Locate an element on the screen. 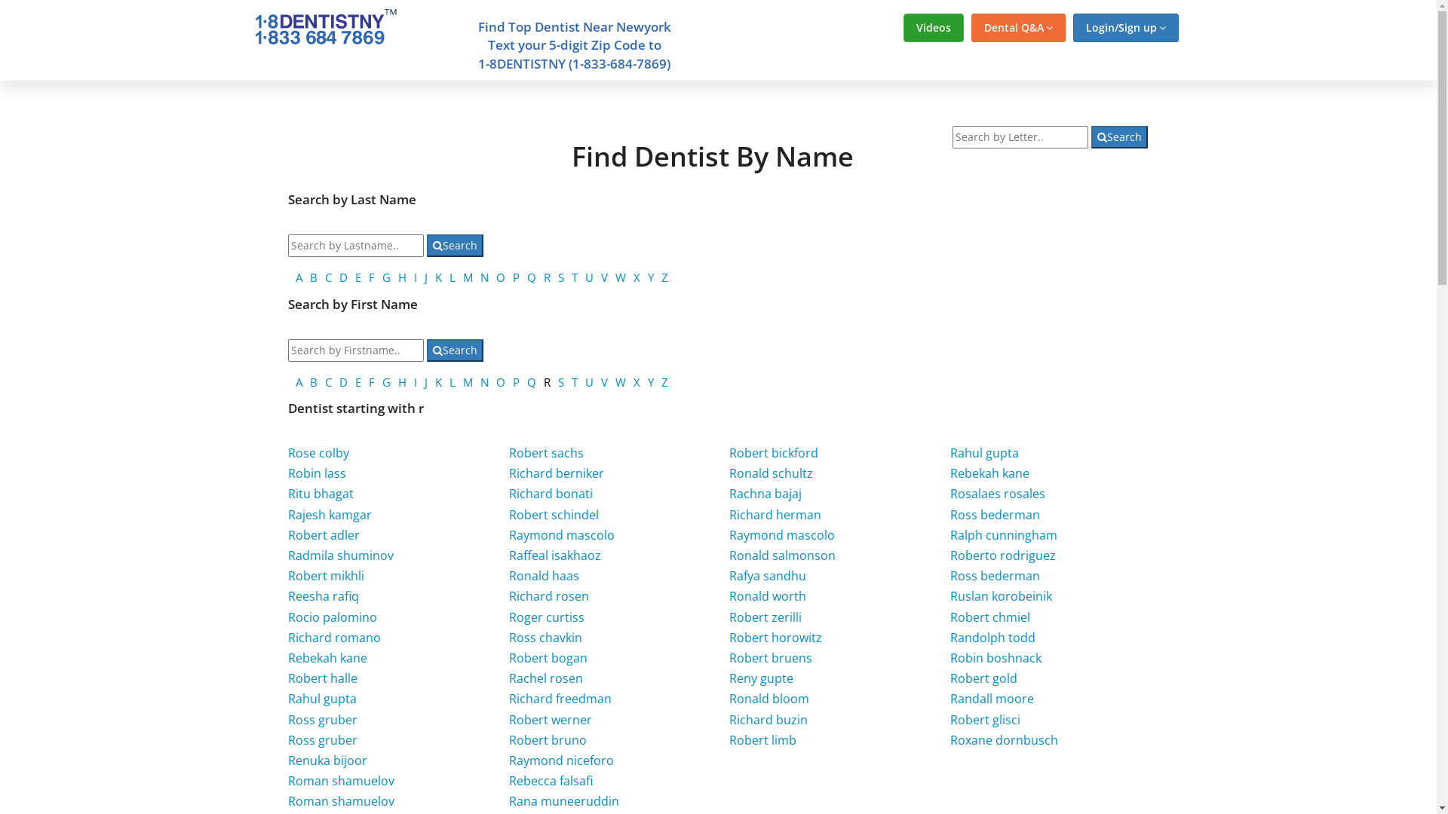  'Ritu bhagat' is located at coordinates (320, 494).